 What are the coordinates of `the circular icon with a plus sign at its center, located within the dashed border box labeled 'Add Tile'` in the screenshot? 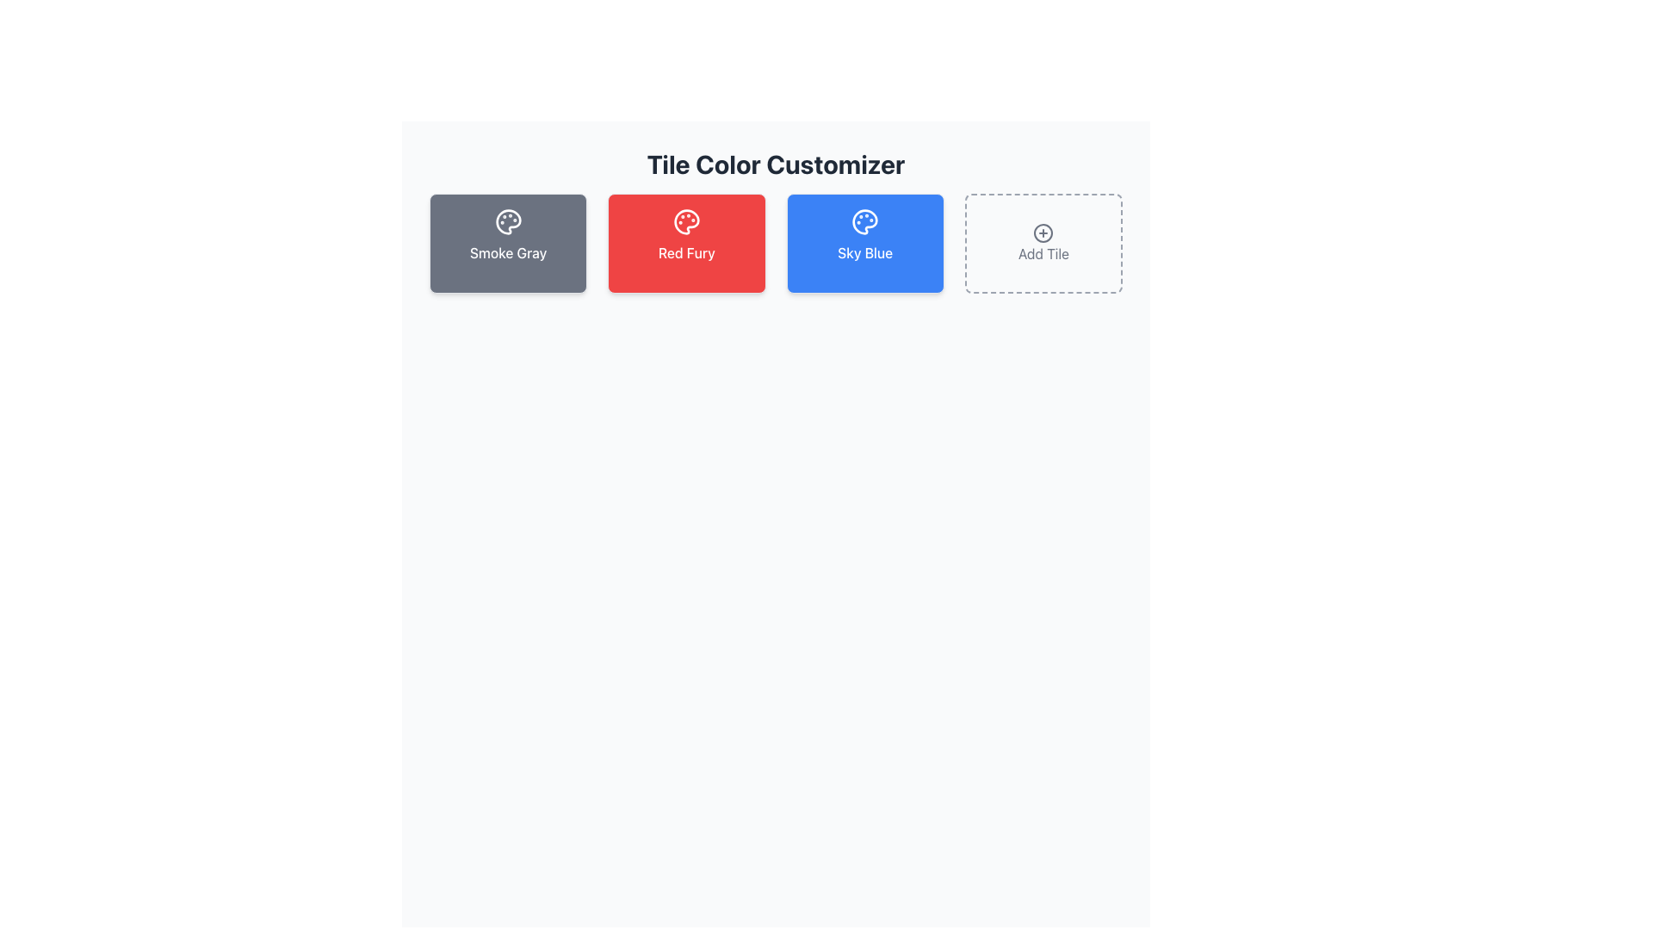 It's located at (1043, 232).